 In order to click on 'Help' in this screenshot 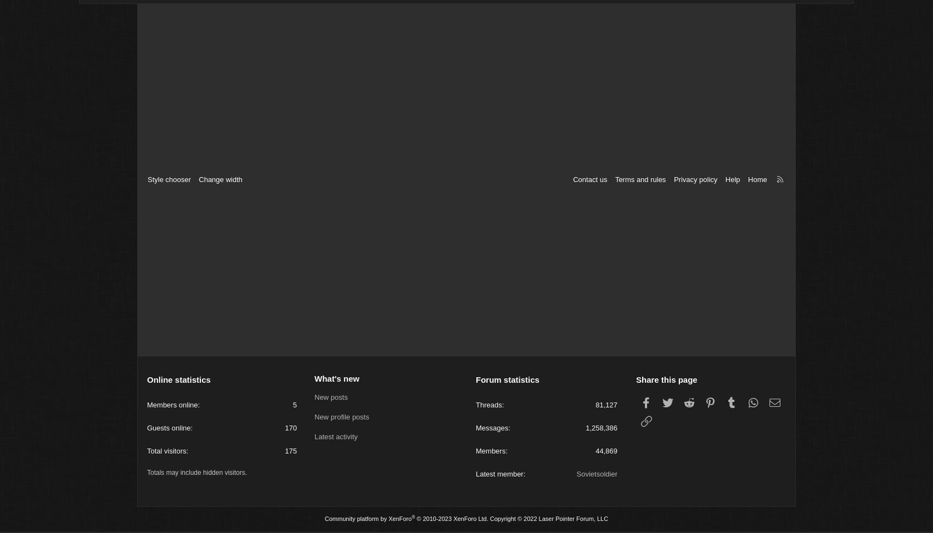, I will do `click(732, 181)`.